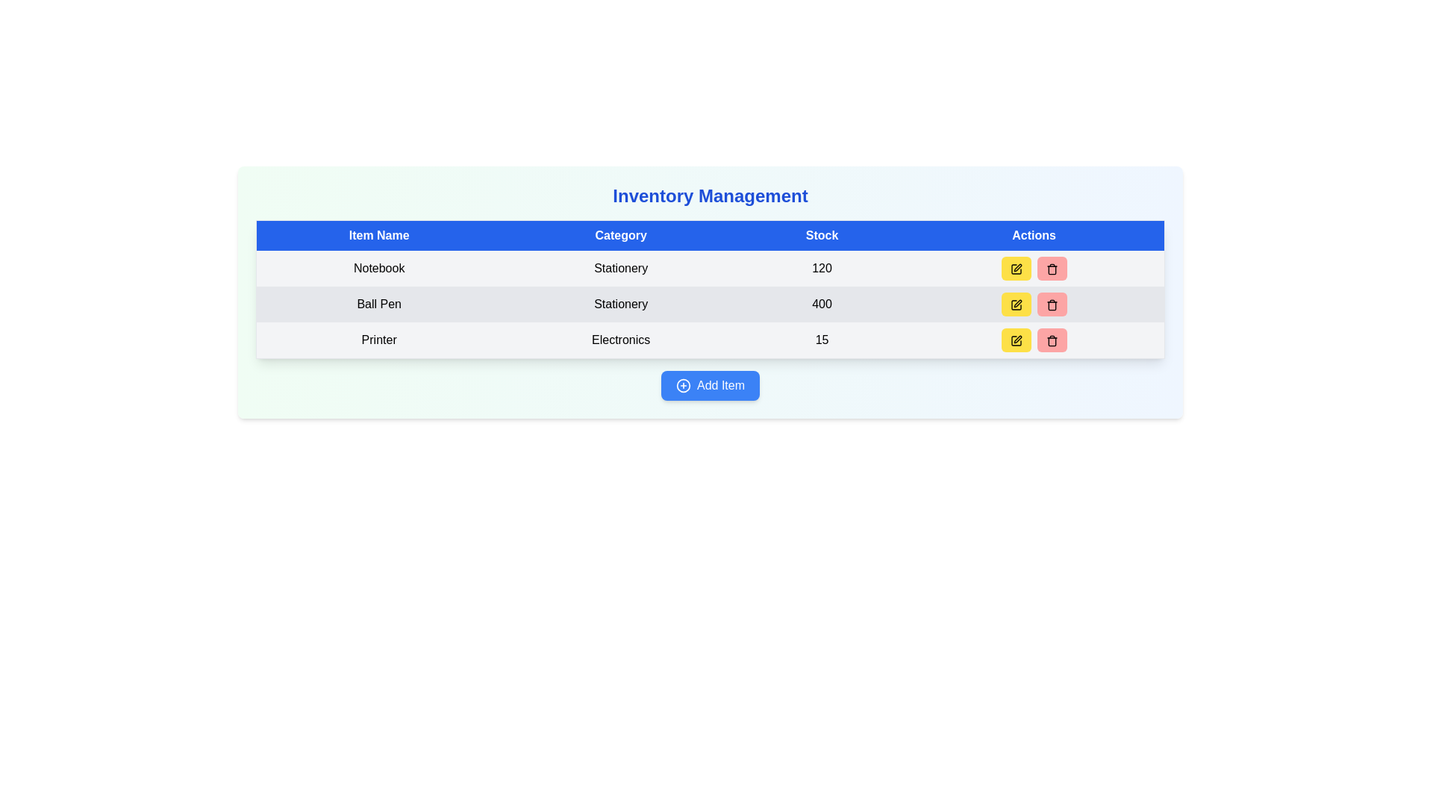 Image resolution: width=1433 pixels, height=806 pixels. I want to click on the edit icon in the third row's Actions column button, so click(1017, 302).